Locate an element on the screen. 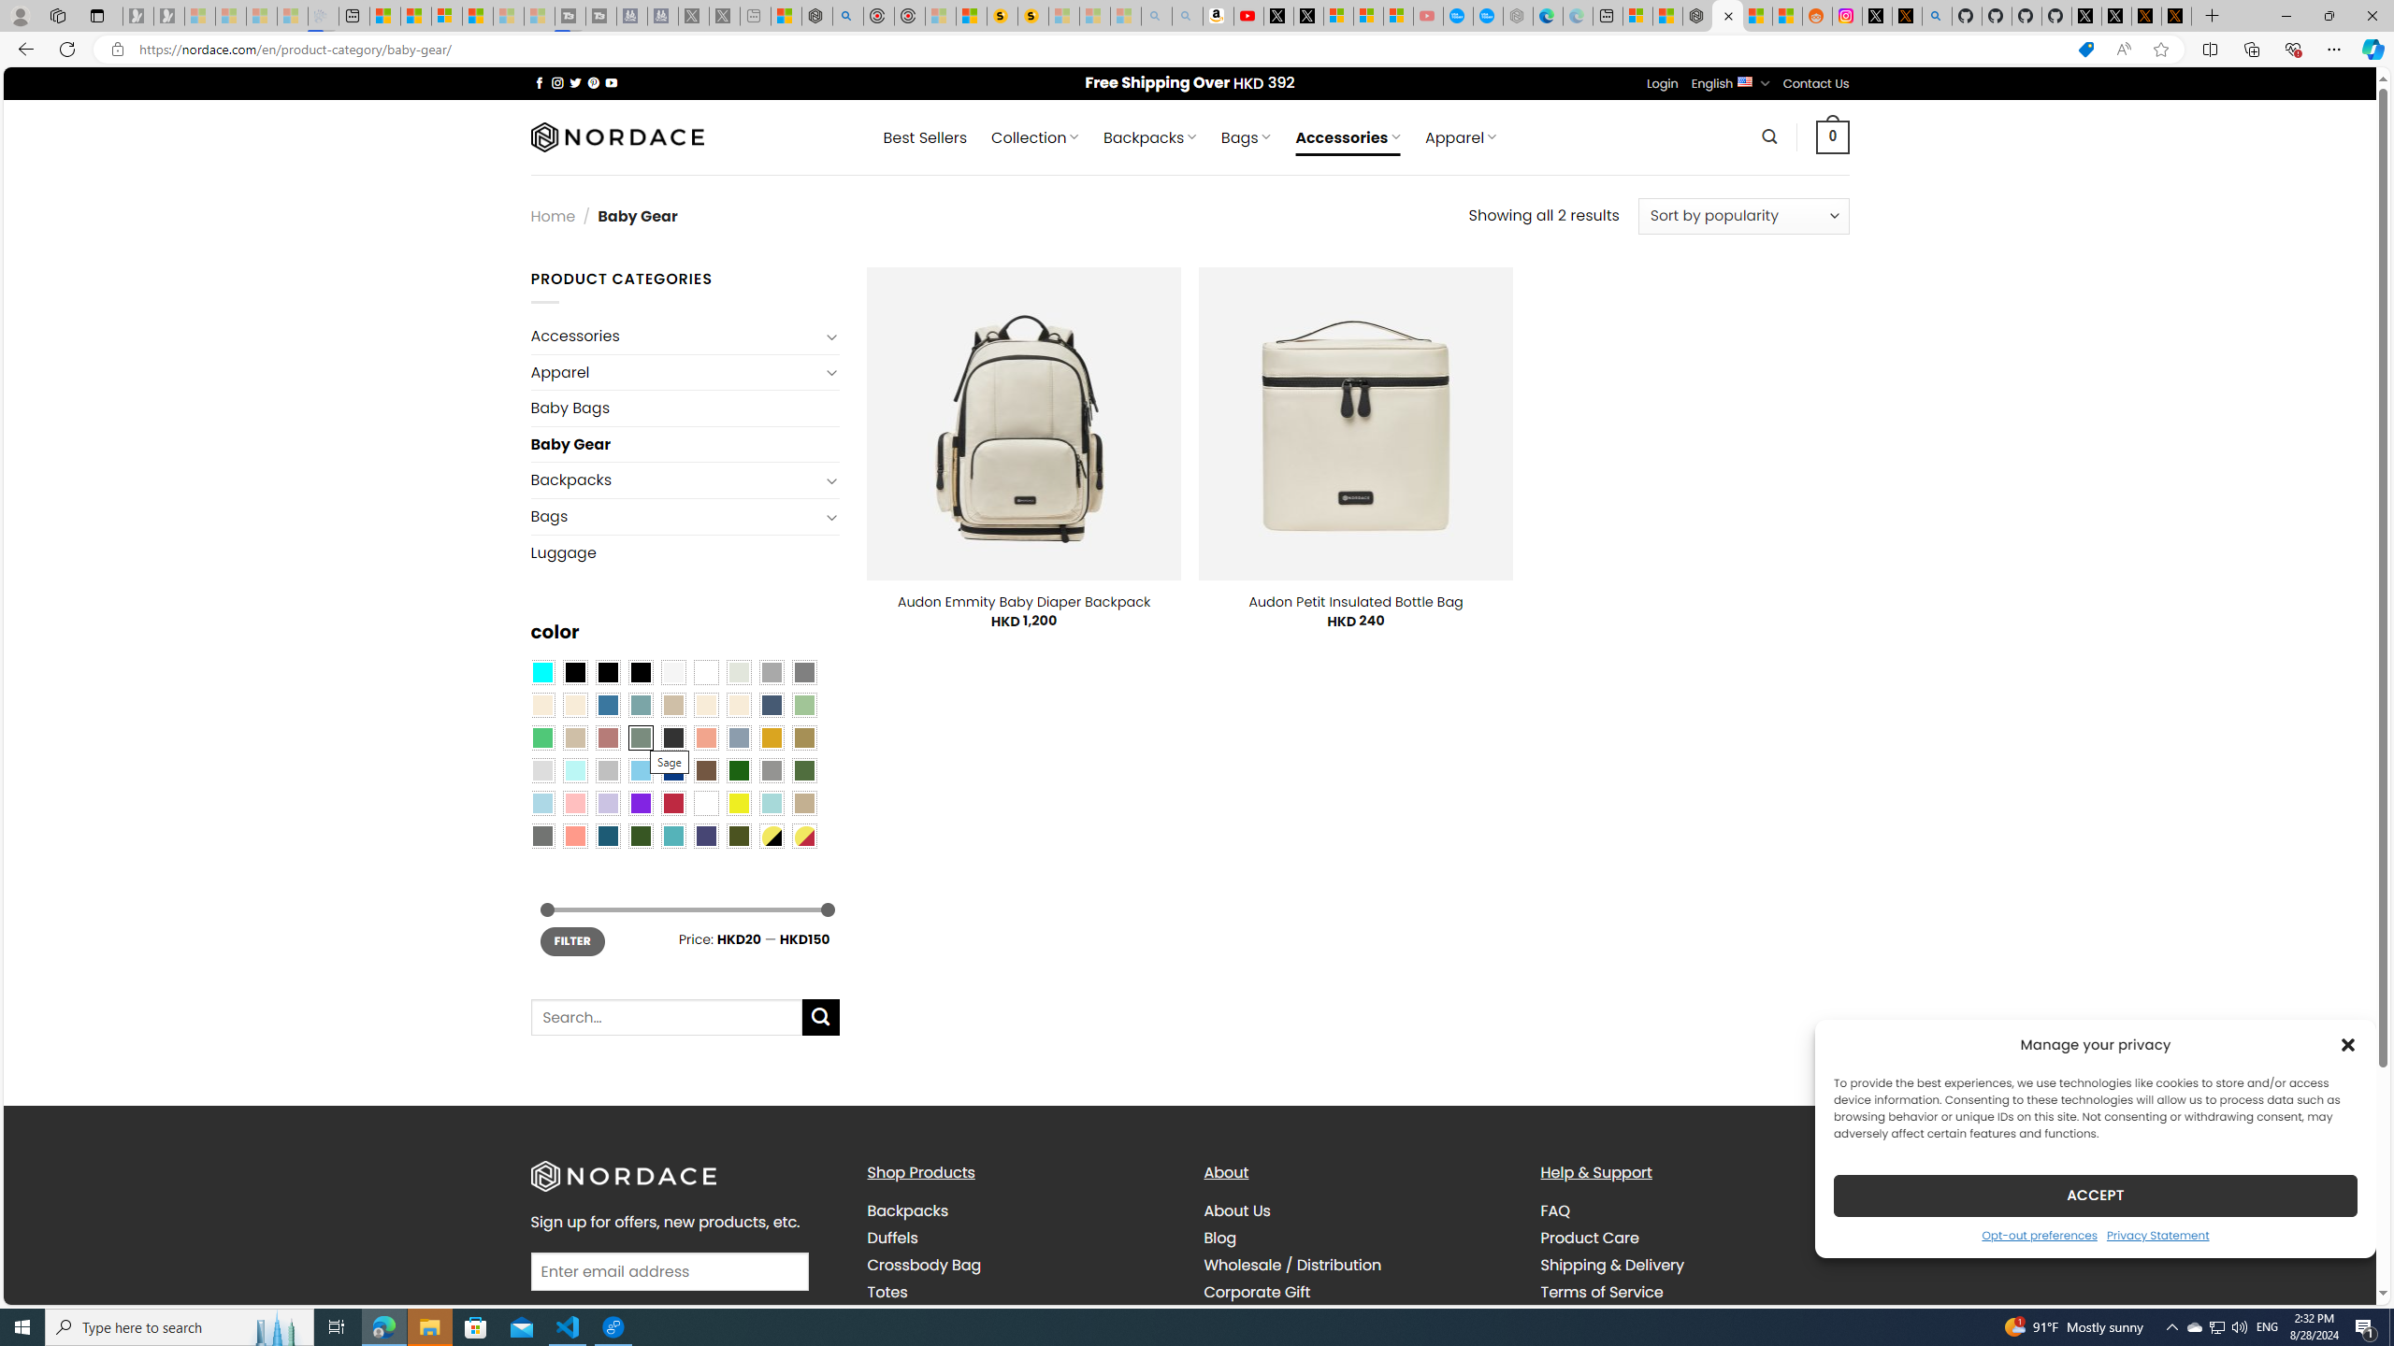  'Forest' is located at coordinates (640, 835).